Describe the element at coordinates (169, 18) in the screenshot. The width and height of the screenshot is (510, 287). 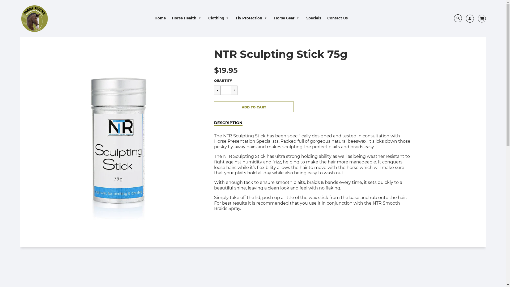
I see `'Horse Health'` at that location.